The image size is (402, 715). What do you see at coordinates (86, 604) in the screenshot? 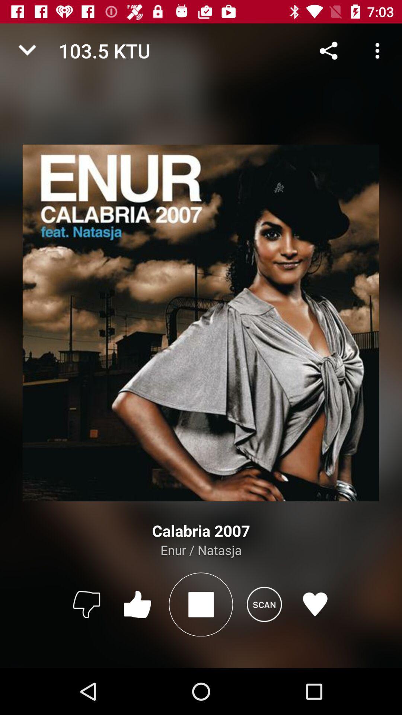
I see `the thumbs_down icon` at bounding box center [86, 604].